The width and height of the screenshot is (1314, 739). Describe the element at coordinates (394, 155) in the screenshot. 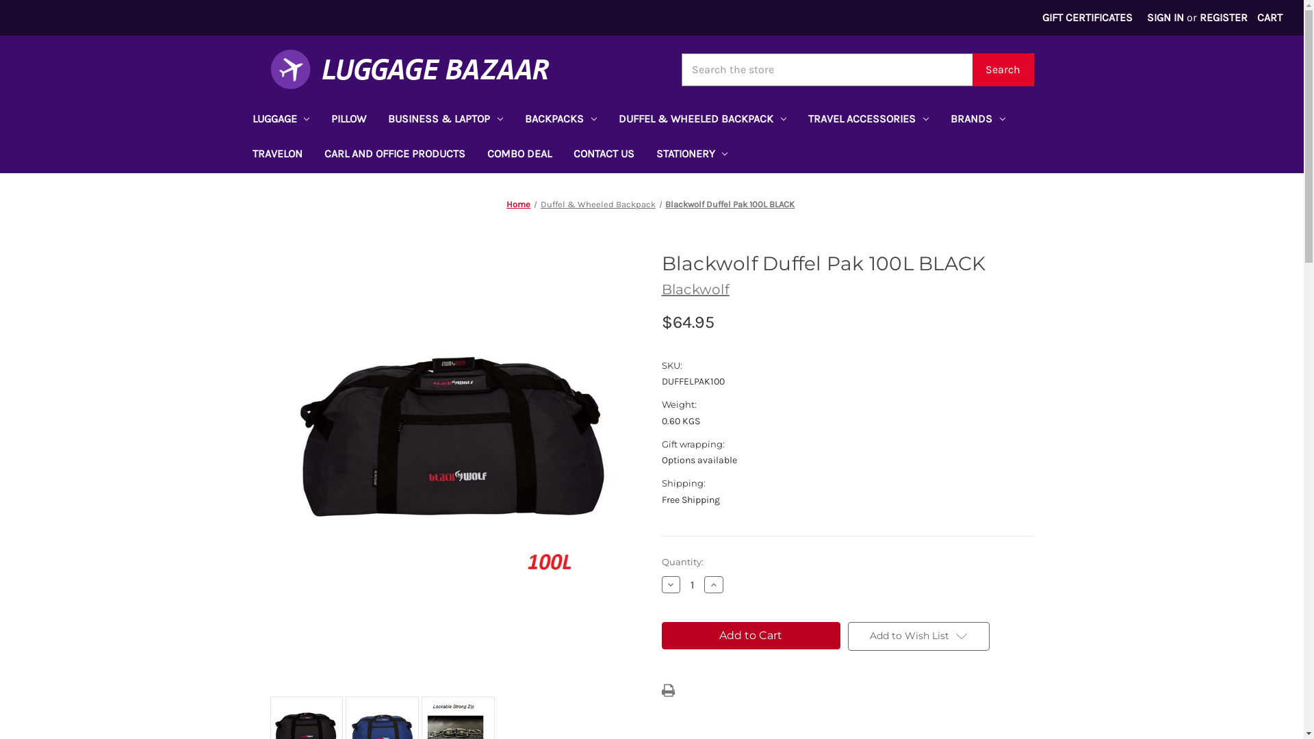

I see `'CARL AND OFFICE PRODUCTS'` at that location.